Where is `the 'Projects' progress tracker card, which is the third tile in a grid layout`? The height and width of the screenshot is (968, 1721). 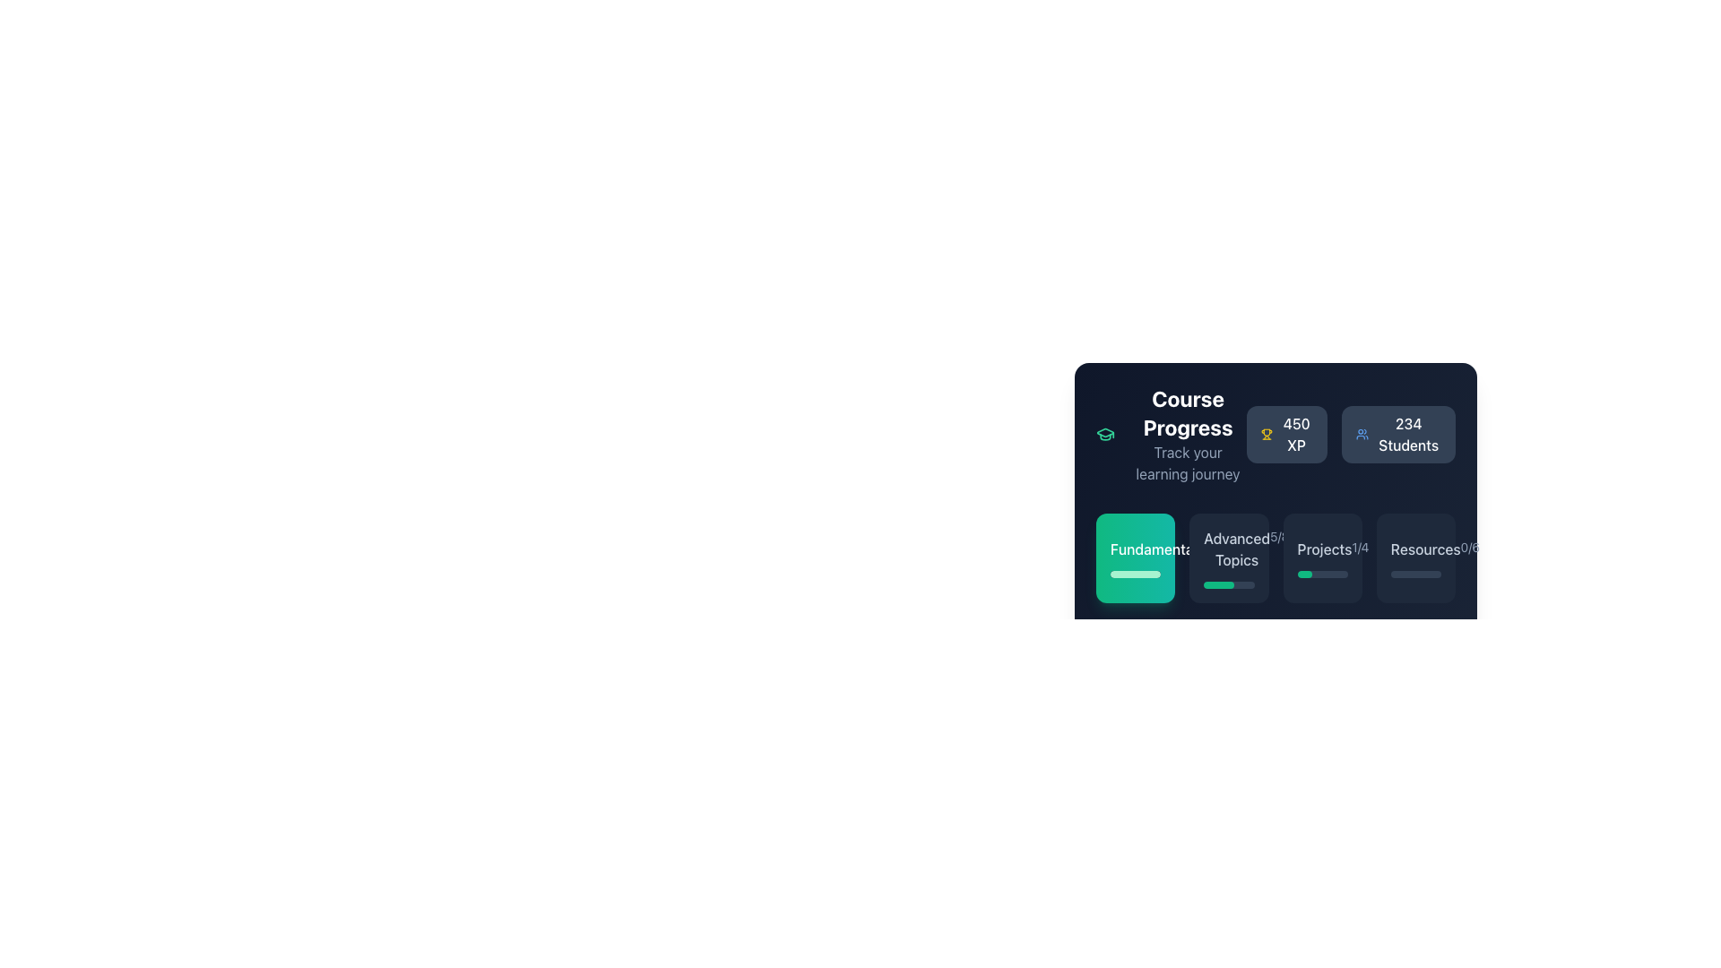 the 'Projects' progress tracker card, which is the third tile in a grid layout is located at coordinates (1322, 557).